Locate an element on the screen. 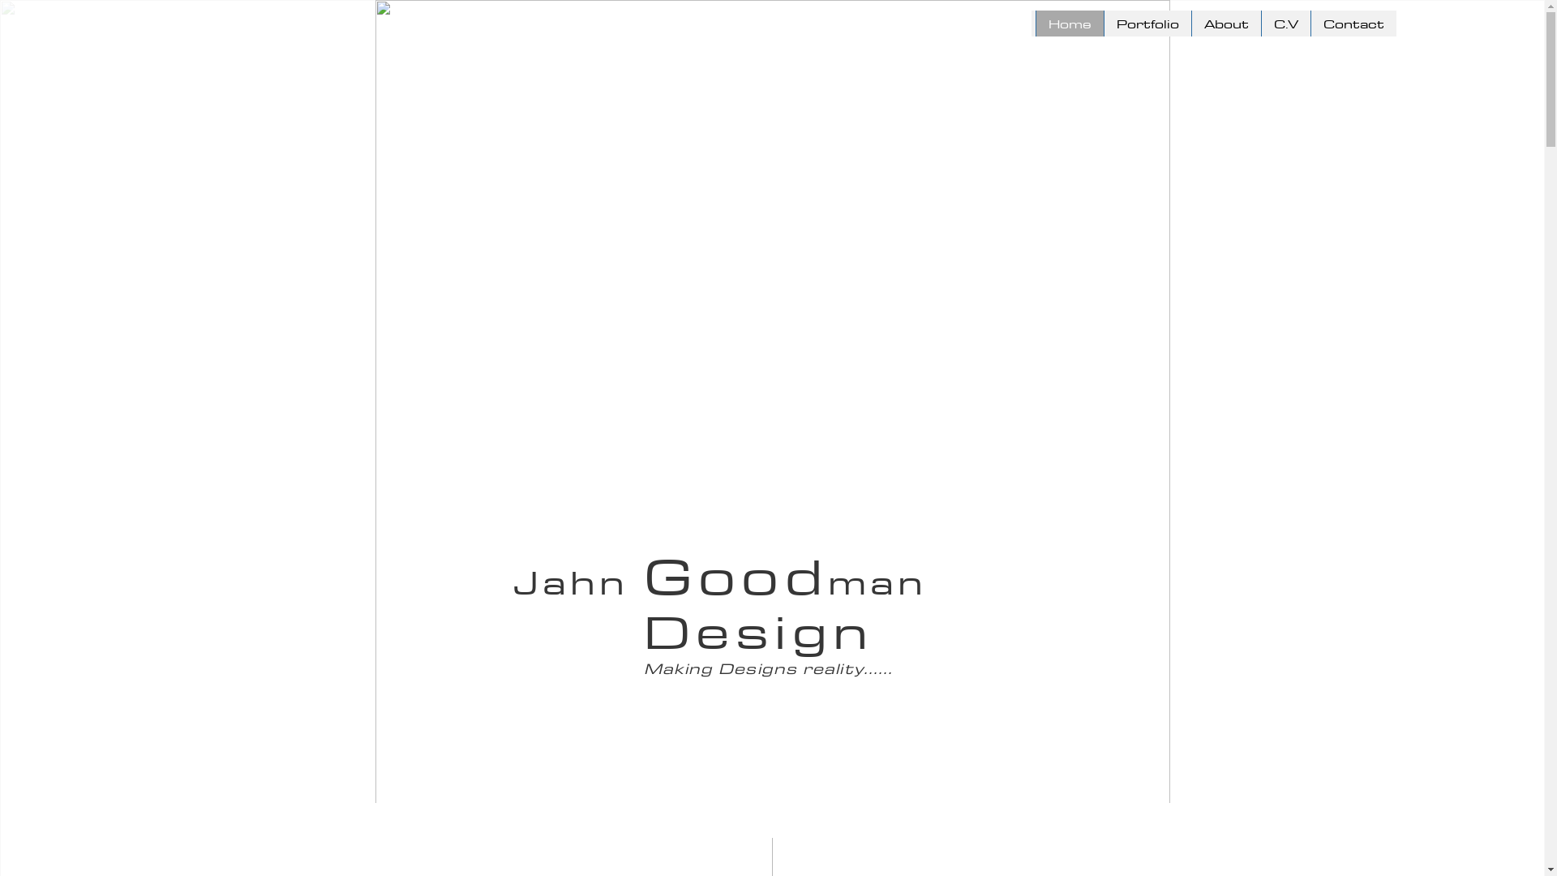 This screenshot has width=1557, height=876. 'About' is located at coordinates (1190, 24).